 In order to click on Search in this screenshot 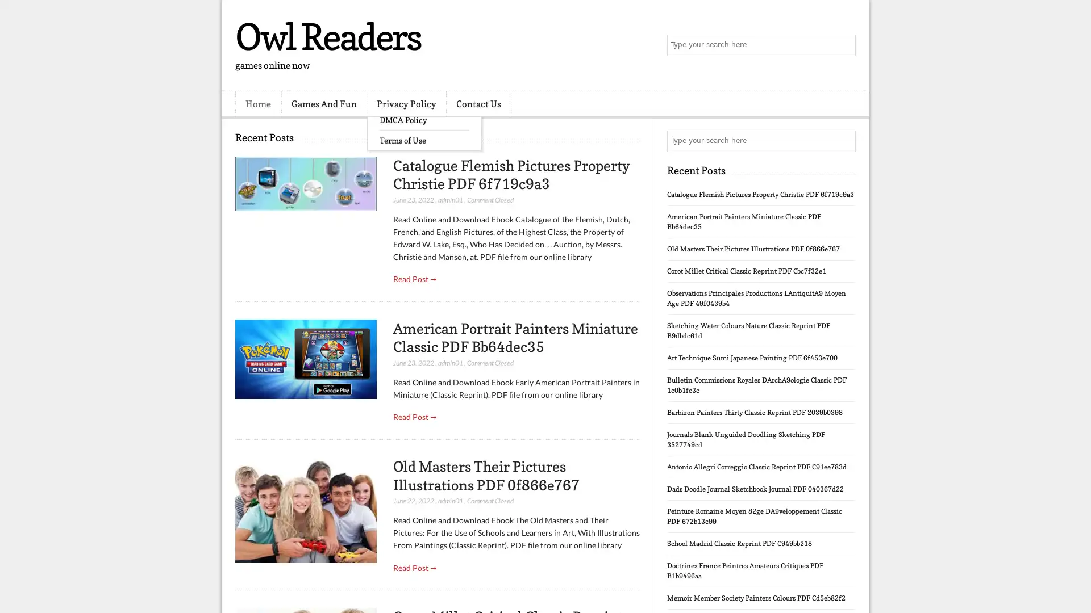, I will do `click(844, 45)`.